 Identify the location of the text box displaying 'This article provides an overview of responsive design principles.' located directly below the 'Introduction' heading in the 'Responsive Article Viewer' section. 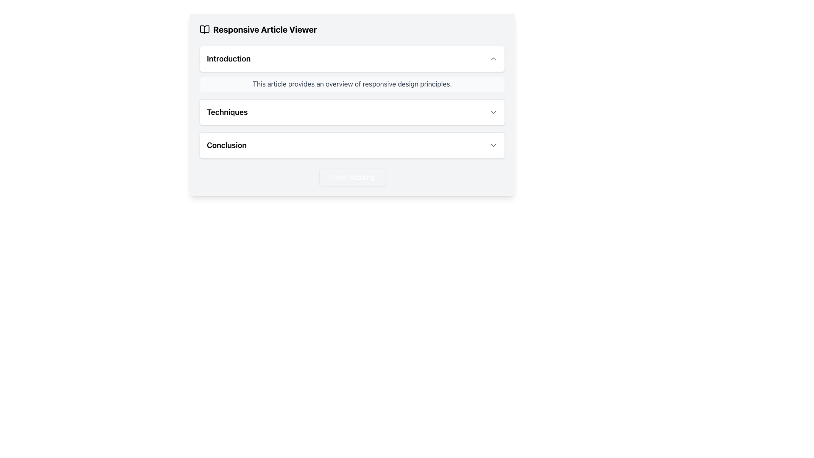
(352, 84).